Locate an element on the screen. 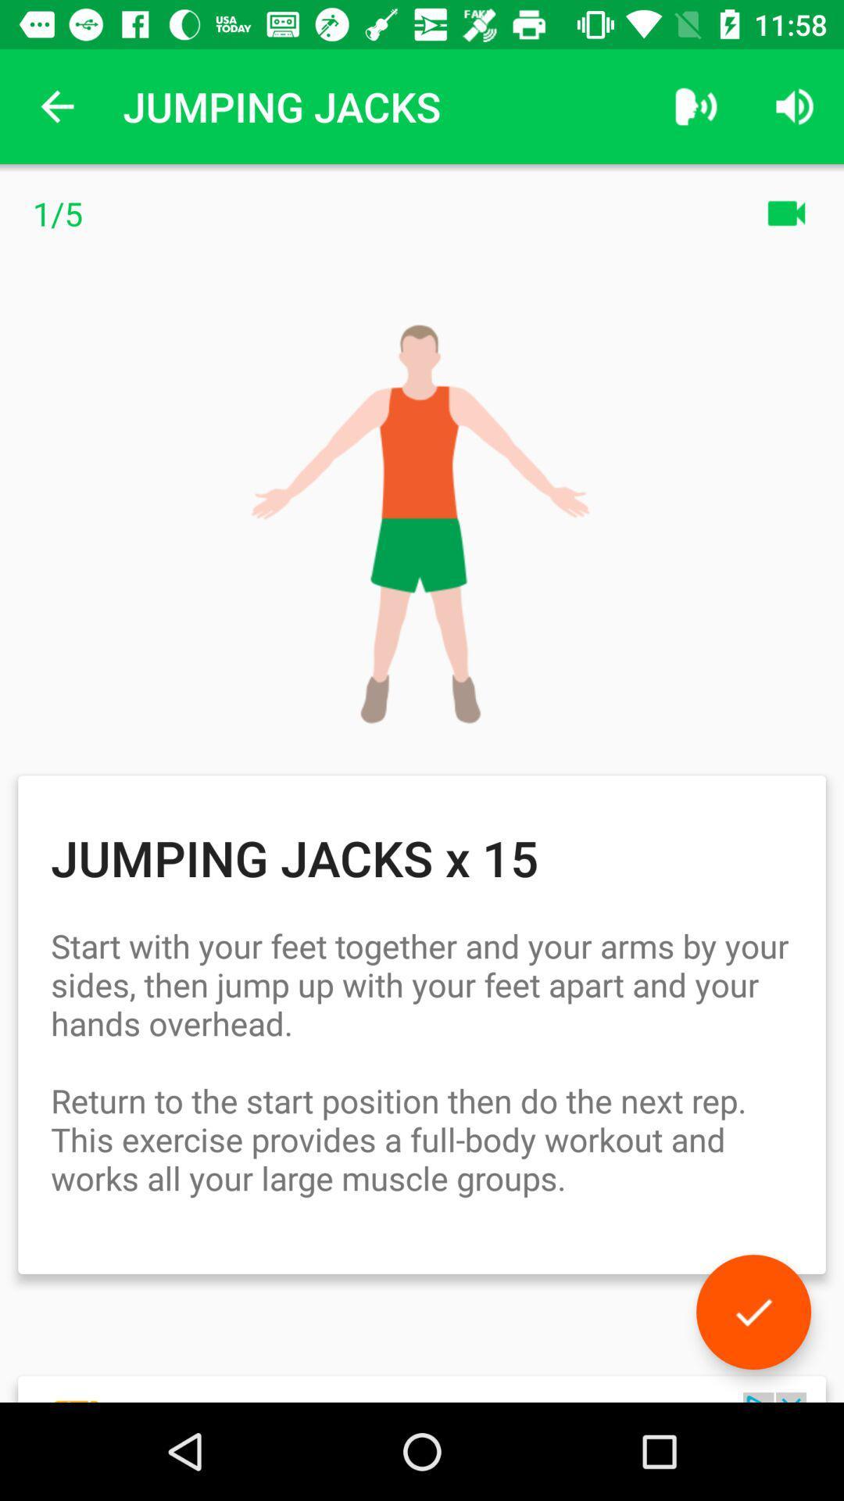 This screenshot has width=844, height=1501. icon below the start with your icon is located at coordinates (753, 1312).